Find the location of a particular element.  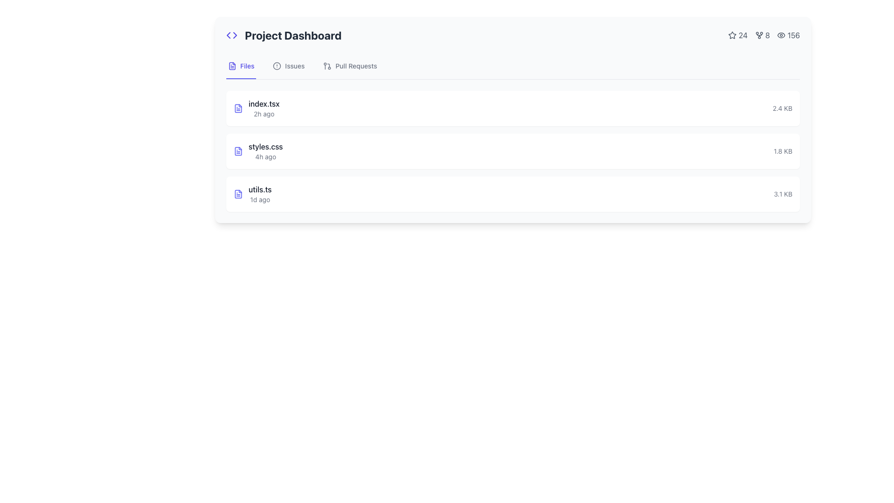

text of the 'Files' label, which is a bold indigo text in the tabbed navigation interface, located at the top-left corner next to a file icon is located at coordinates (247, 66).